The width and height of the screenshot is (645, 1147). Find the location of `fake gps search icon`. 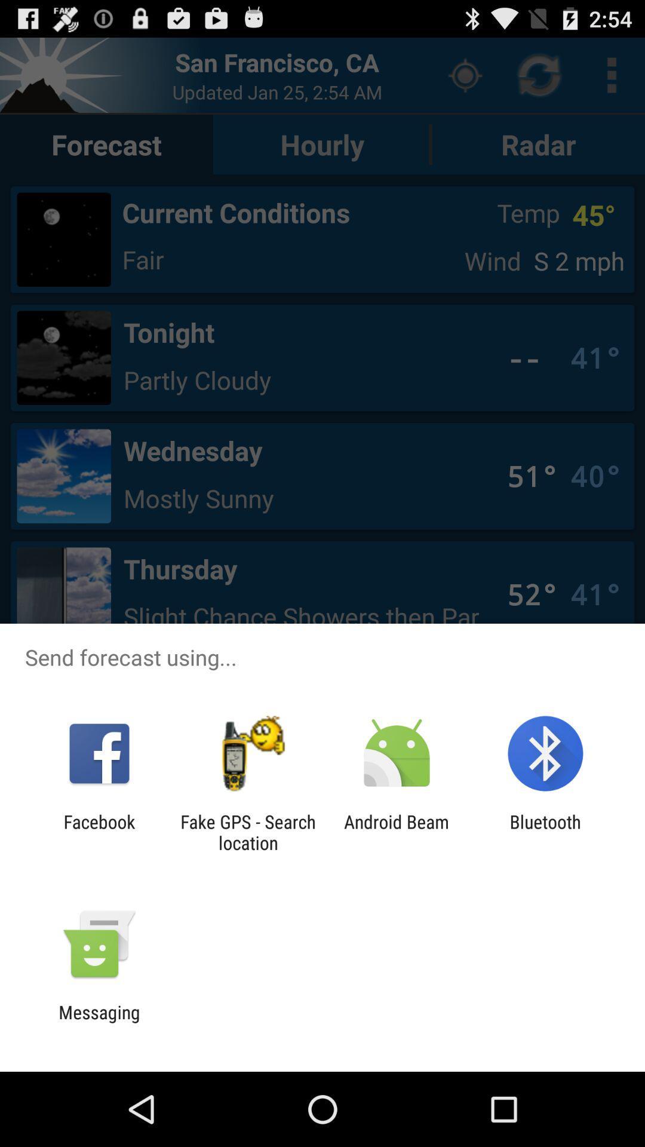

fake gps search icon is located at coordinates (247, 832).